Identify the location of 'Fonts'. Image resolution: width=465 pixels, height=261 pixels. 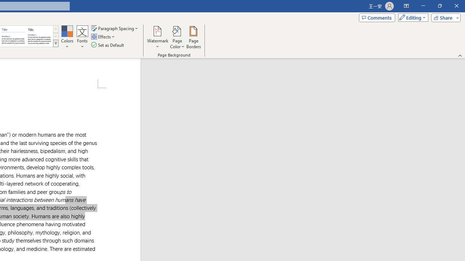
(82, 37).